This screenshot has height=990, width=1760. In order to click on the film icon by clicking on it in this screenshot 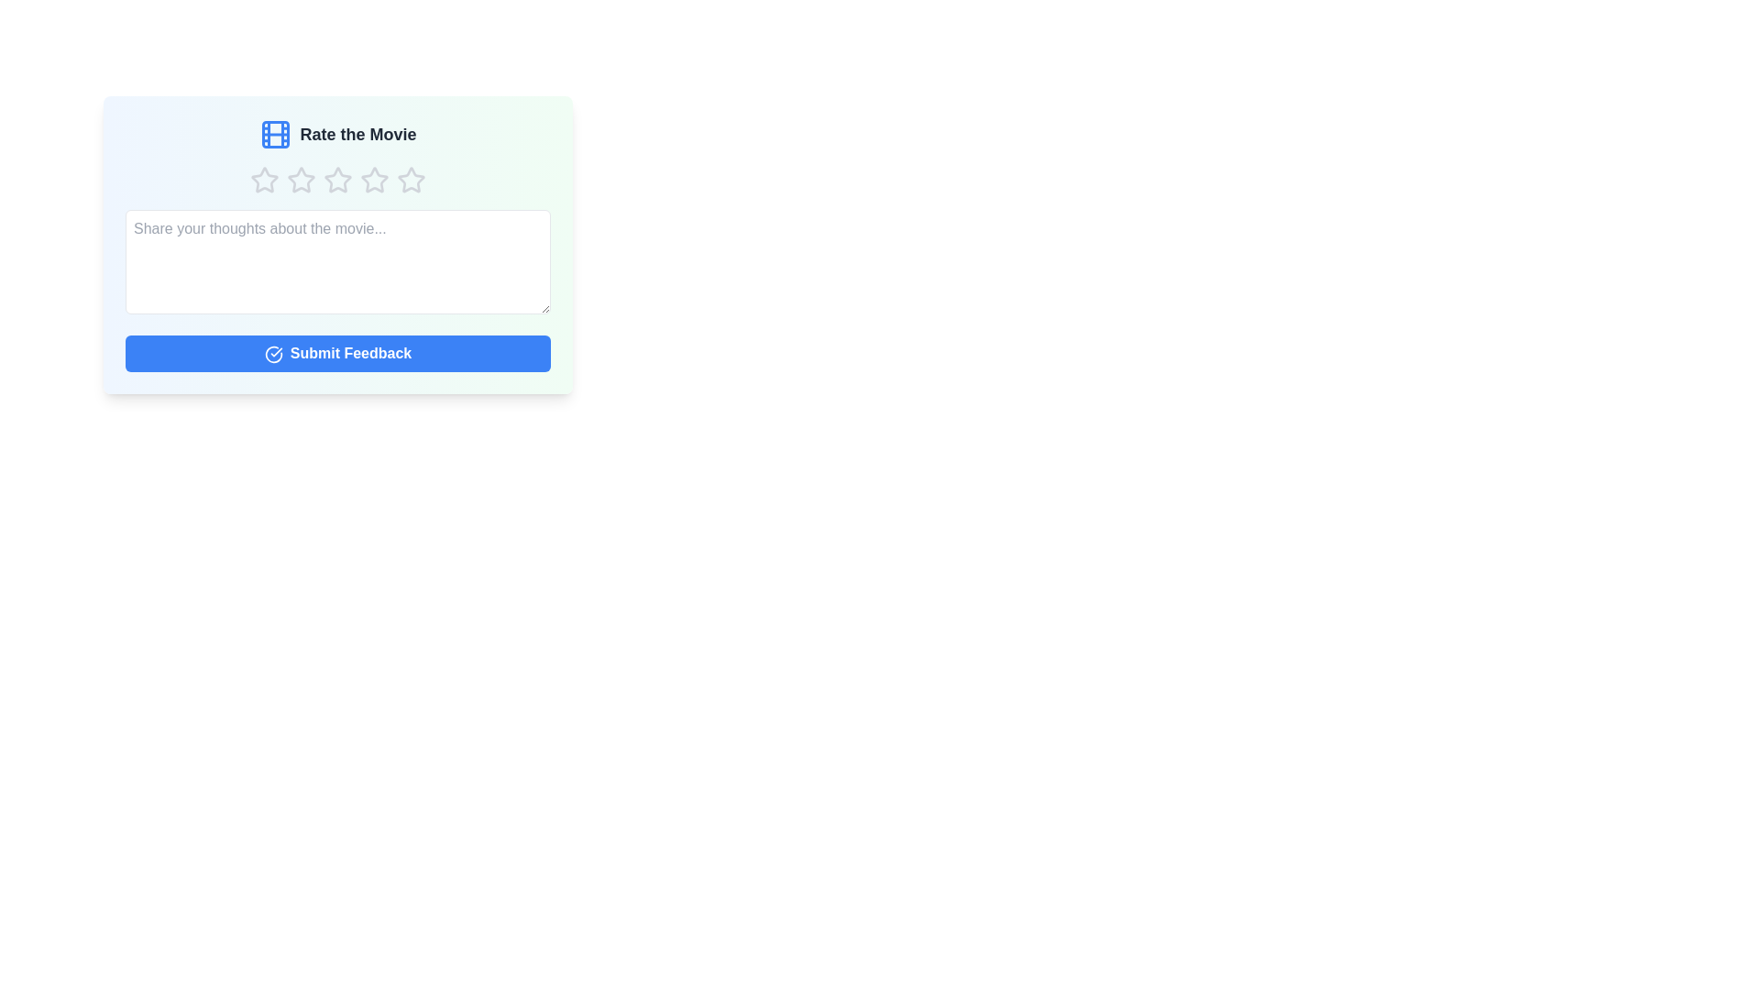, I will do `click(275, 133)`.